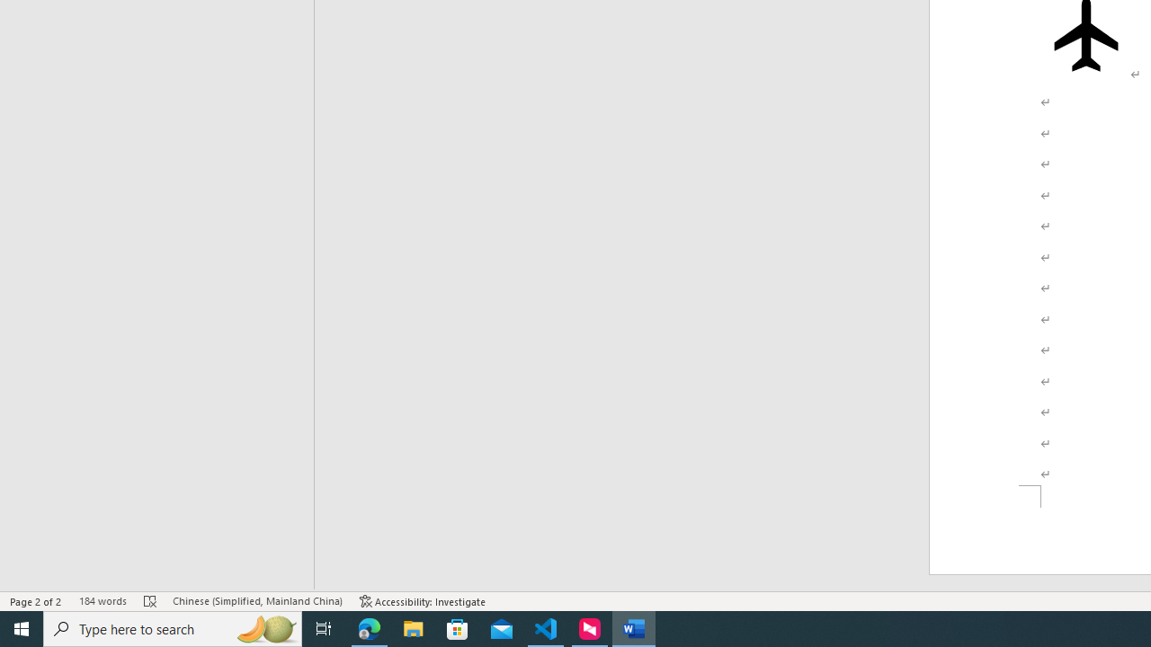 The width and height of the screenshot is (1151, 647). Describe the element at coordinates (151, 601) in the screenshot. I see `'Spelling and Grammar Check Errors'` at that location.